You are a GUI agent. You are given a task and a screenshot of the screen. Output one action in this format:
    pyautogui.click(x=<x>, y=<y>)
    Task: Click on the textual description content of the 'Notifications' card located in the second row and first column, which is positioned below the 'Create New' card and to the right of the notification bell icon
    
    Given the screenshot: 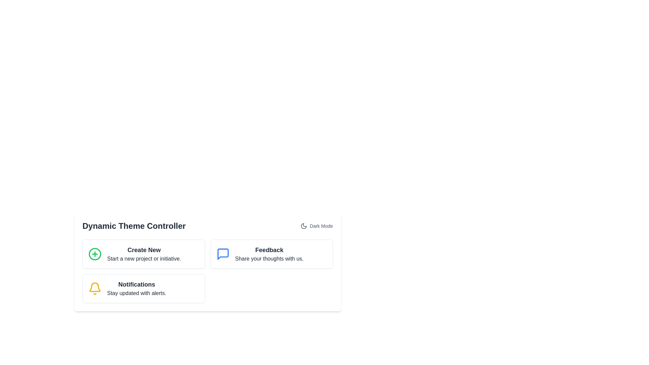 What is the action you would take?
    pyautogui.click(x=136, y=288)
    